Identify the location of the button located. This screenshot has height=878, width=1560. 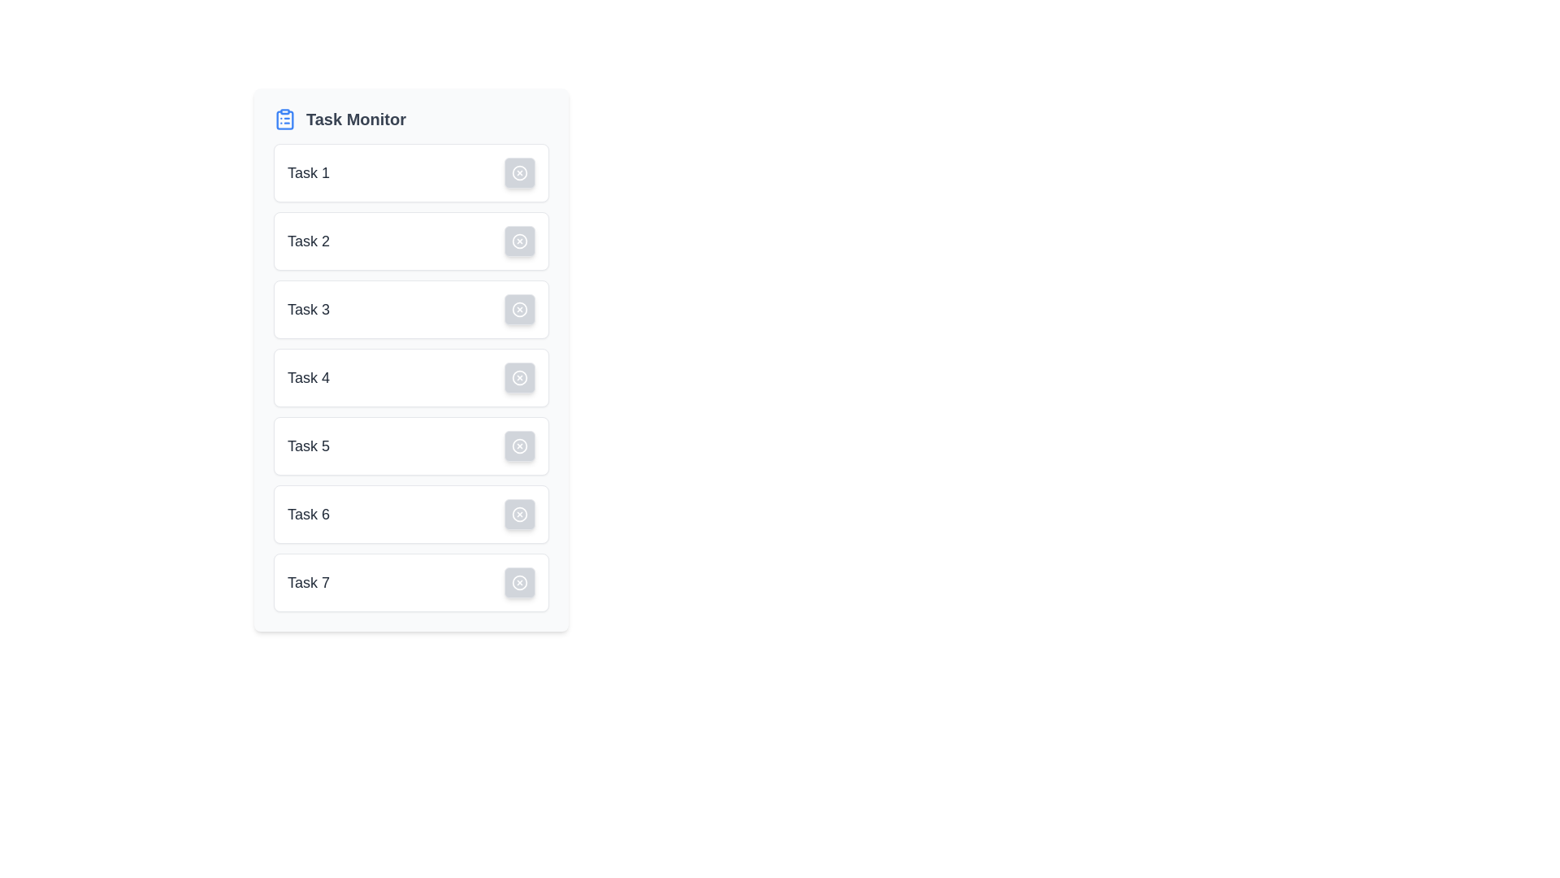
(518, 378).